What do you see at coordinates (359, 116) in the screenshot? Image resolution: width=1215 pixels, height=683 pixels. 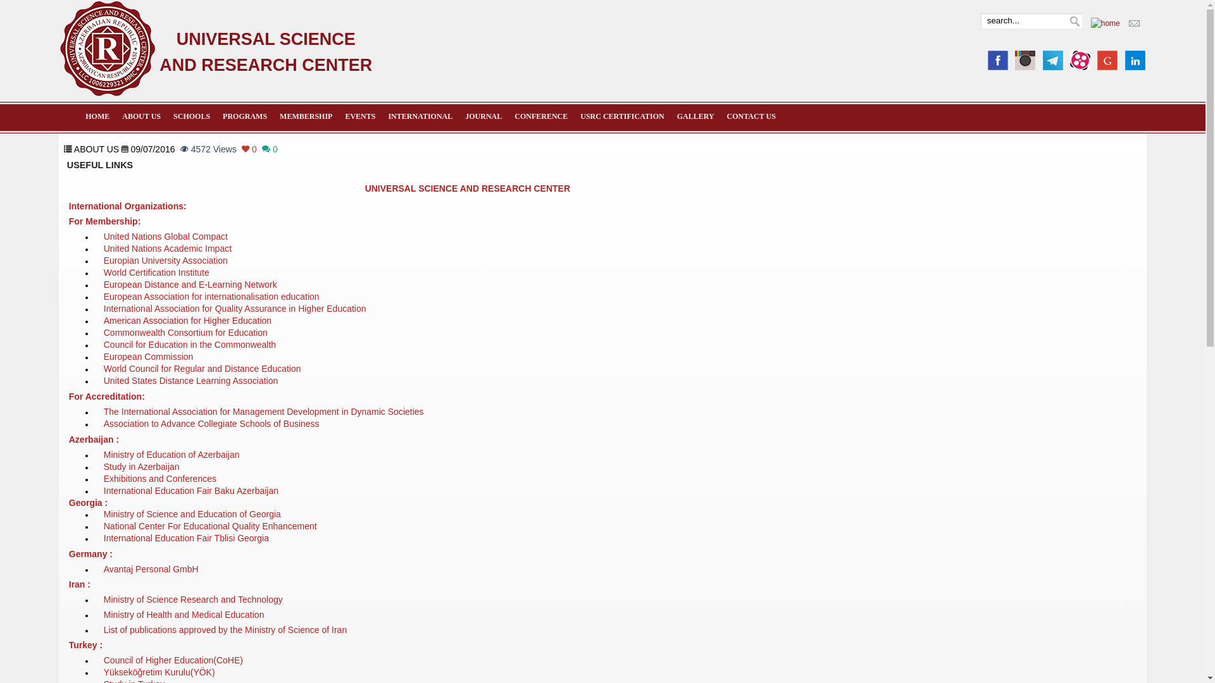 I see `'EVENTS'` at bounding box center [359, 116].